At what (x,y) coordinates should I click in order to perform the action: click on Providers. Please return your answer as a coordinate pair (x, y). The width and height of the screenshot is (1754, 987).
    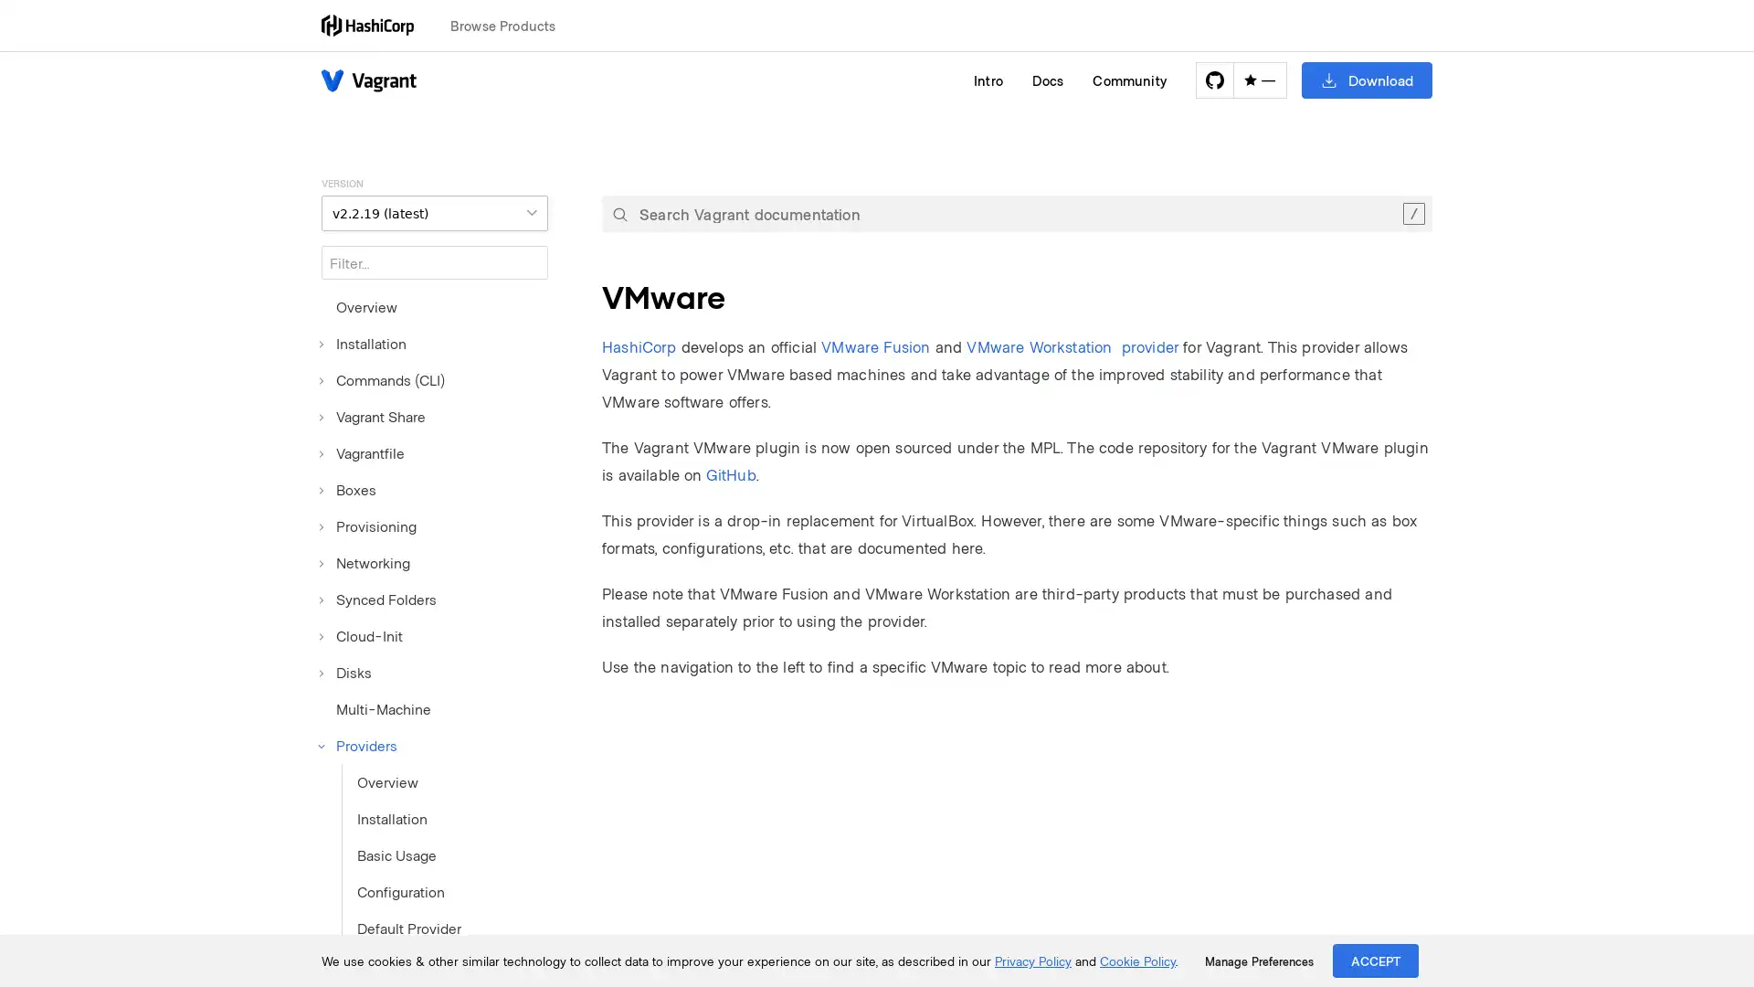
    Looking at the image, I should click on (359, 746).